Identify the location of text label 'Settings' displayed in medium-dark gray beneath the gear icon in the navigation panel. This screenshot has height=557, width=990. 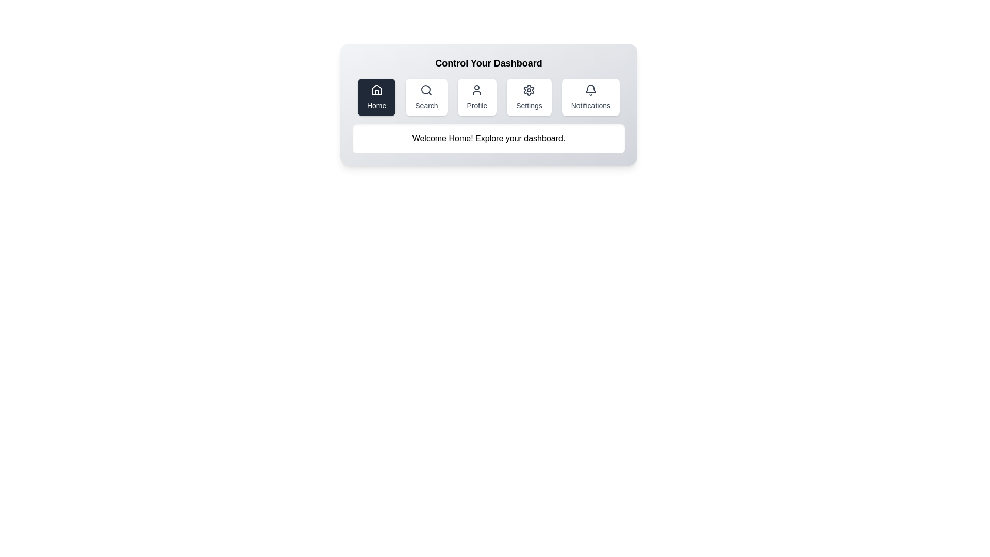
(529, 105).